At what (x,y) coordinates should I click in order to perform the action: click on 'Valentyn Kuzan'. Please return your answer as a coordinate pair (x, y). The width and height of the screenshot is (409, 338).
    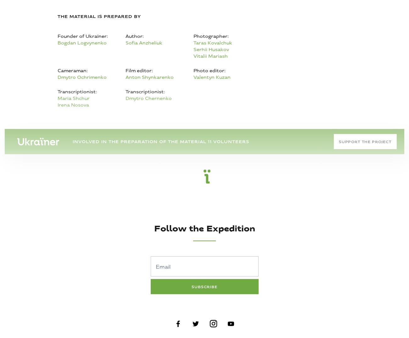
    Looking at the image, I should click on (212, 77).